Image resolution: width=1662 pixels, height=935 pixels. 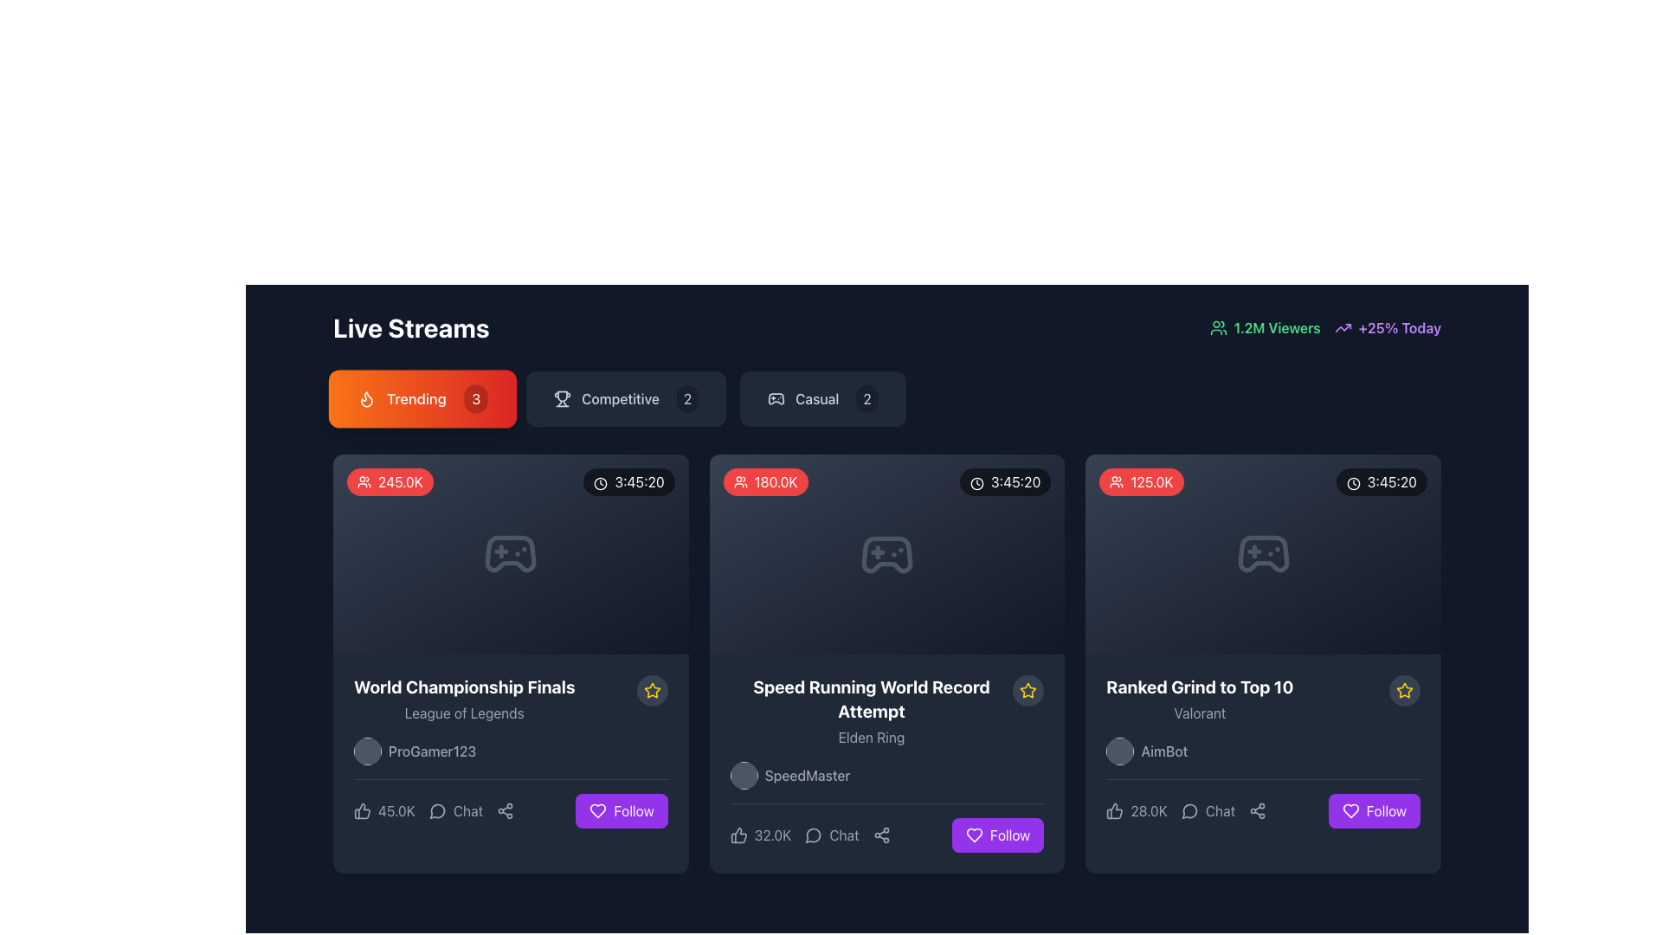 What do you see at coordinates (738, 834) in the screenshot?
I see `the 'like' icon located to the left of the '32.0K' text in the interactive section below the 'Speed Running World Record Attempt' card` at bounding box center [738, 834].